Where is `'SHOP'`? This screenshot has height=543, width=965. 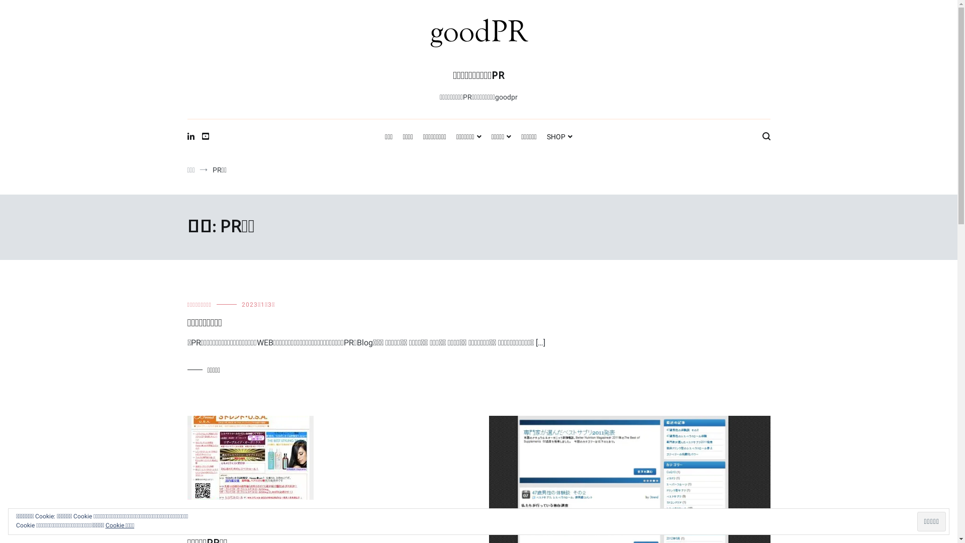
'SHOP' is located at coordinates (559, 137).